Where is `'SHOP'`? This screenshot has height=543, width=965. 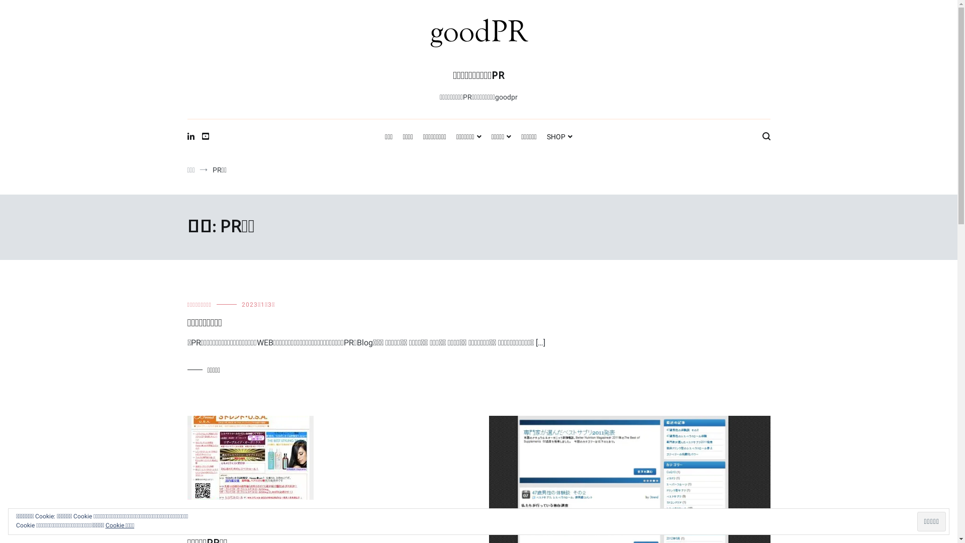
'SHOP' is located at coordinates (559, 137).